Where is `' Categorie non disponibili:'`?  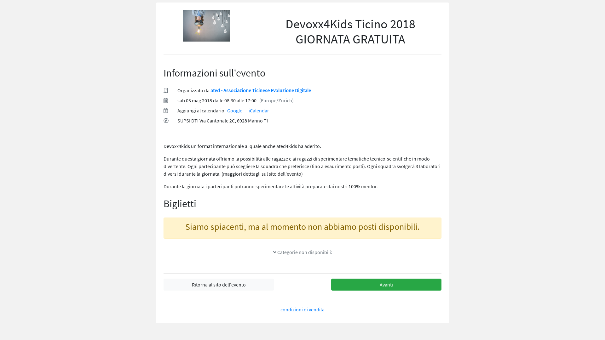
' Categorie non disponibili:' is located at coordinates (302, 252).